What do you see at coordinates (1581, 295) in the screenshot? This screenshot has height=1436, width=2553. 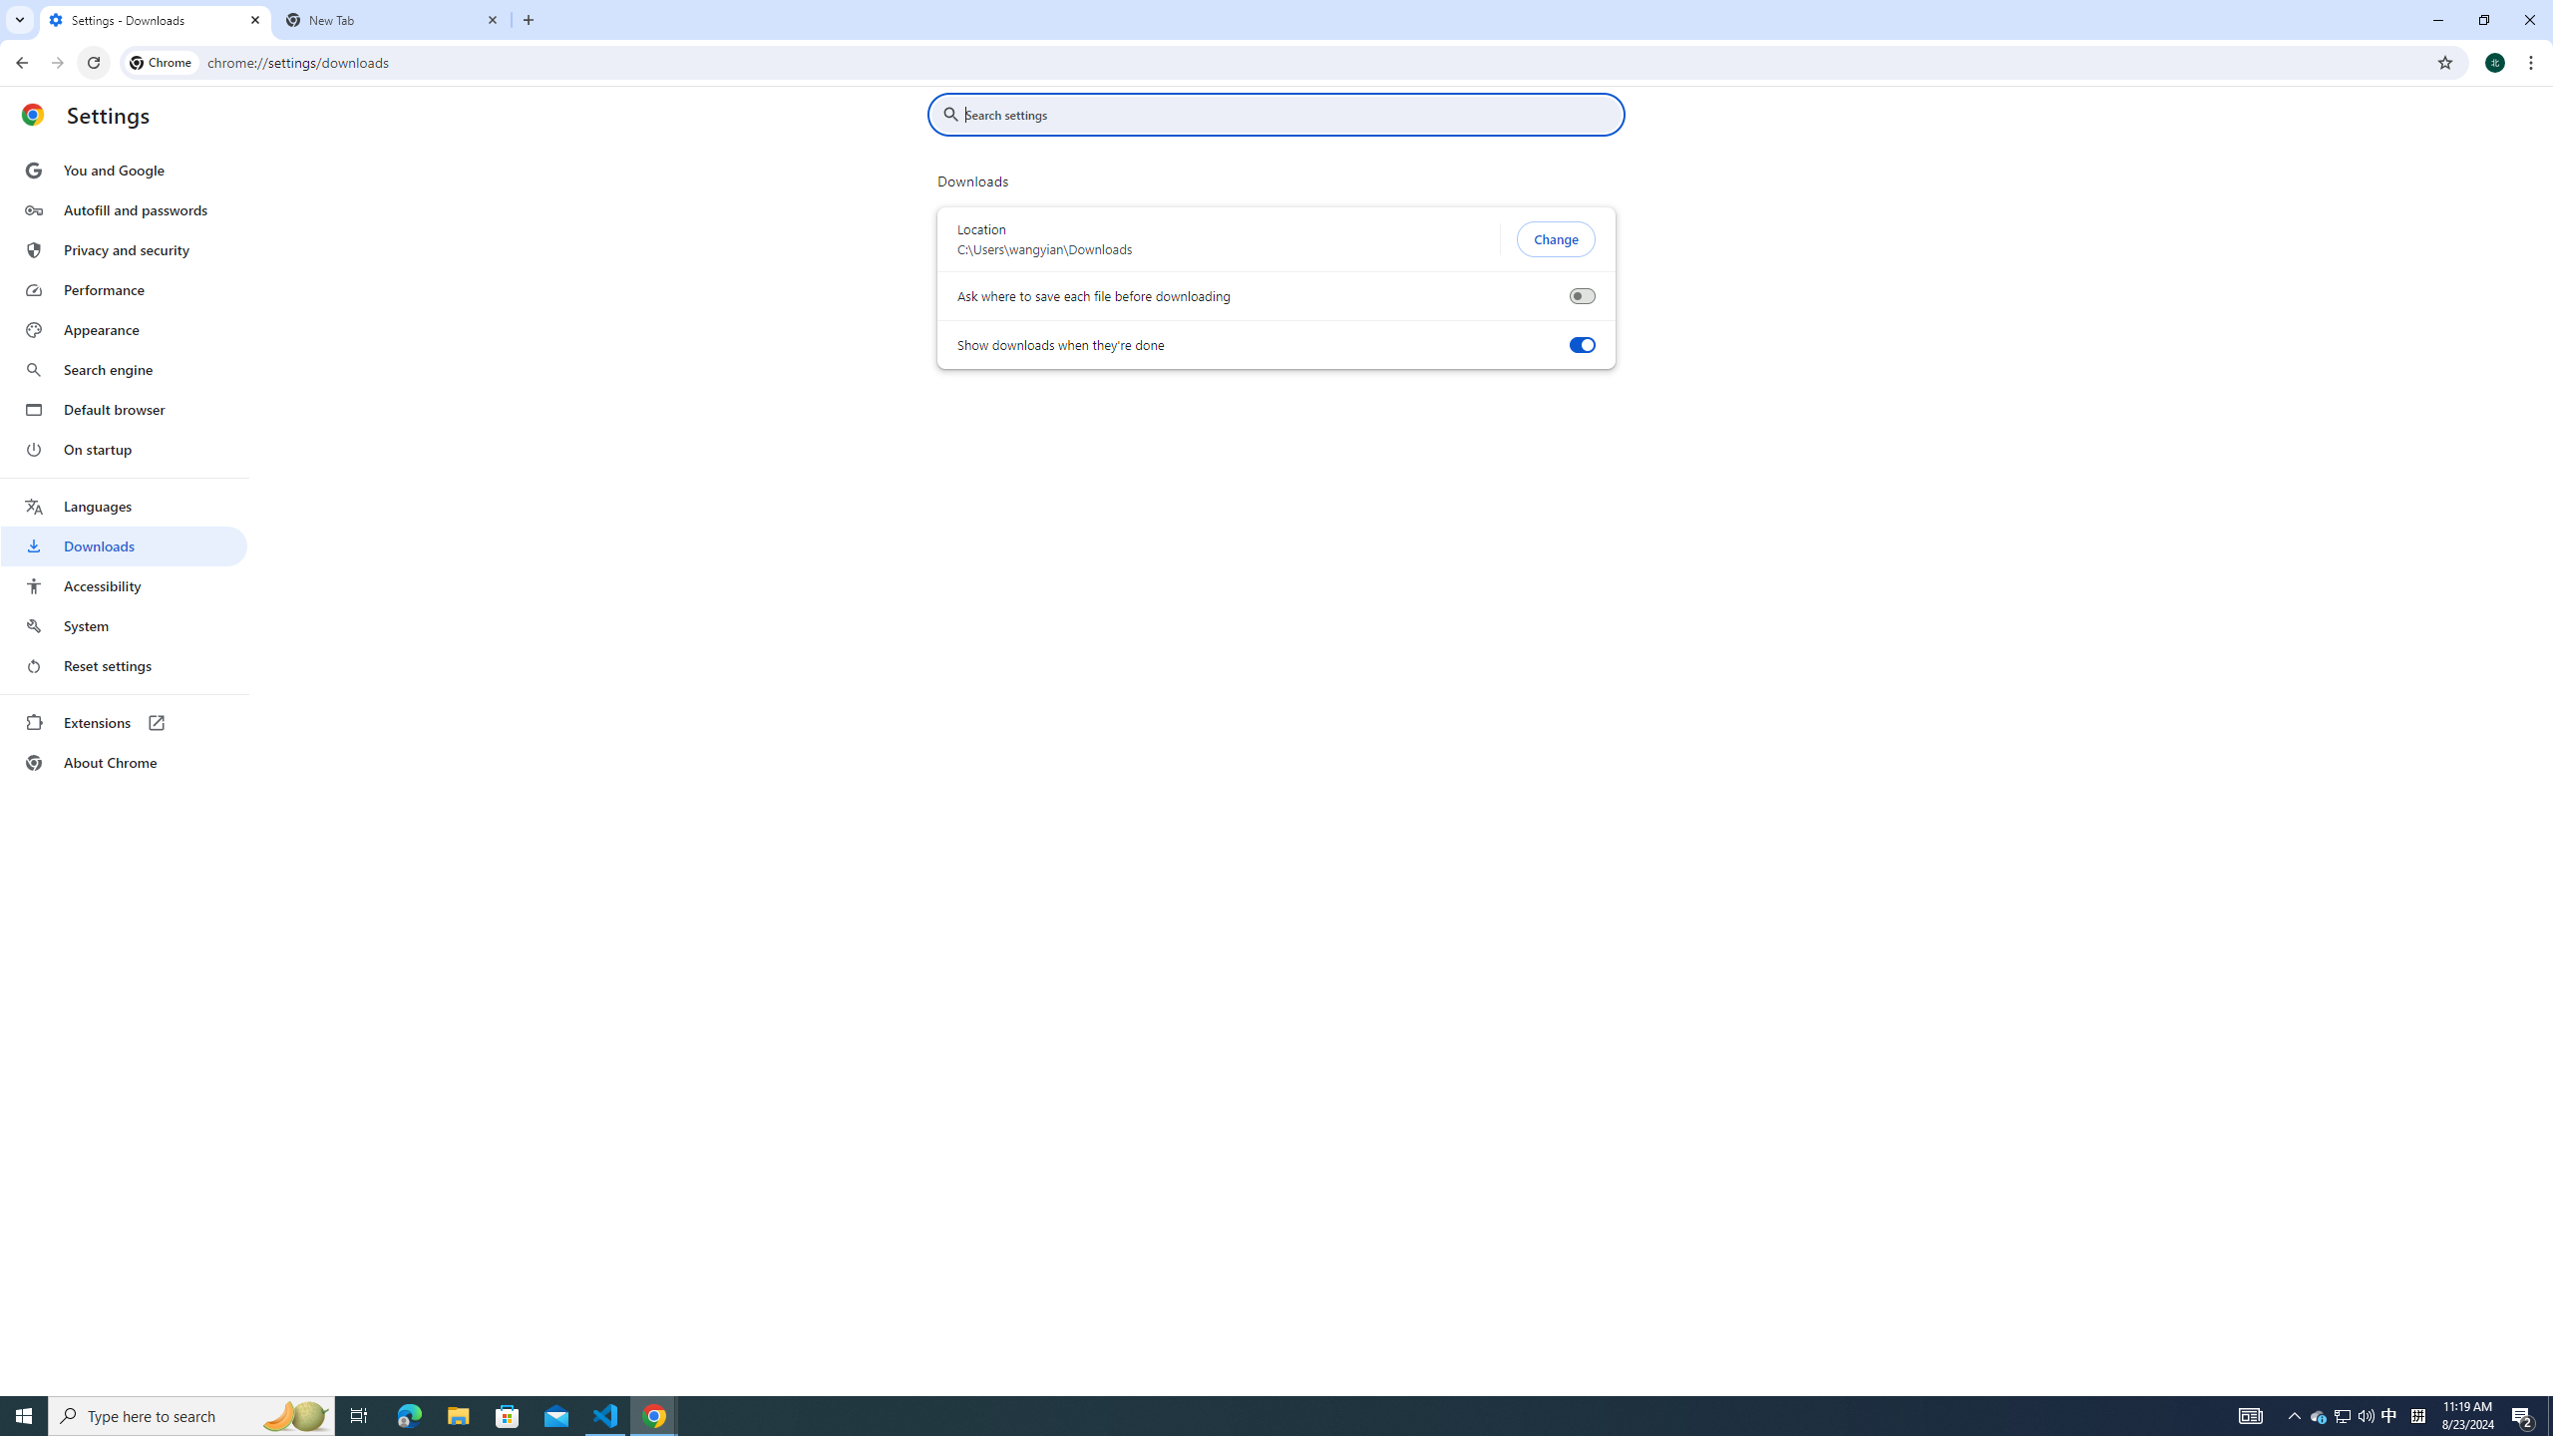 I see `'Ask where to save each file before downloading'` at bounding box center [1581, 295].